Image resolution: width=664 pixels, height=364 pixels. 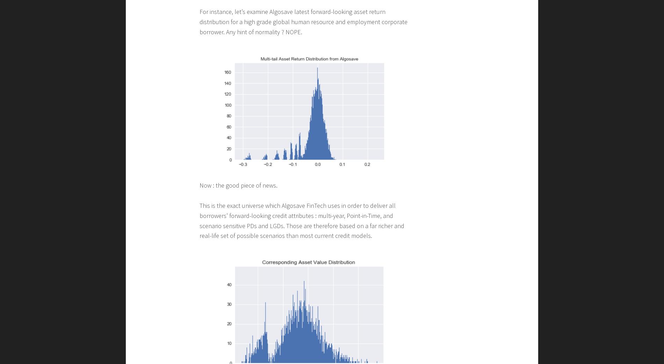 I want to click on 'Transform risk analytics into Competitive edge for Trading', so click(x=290, y=113).